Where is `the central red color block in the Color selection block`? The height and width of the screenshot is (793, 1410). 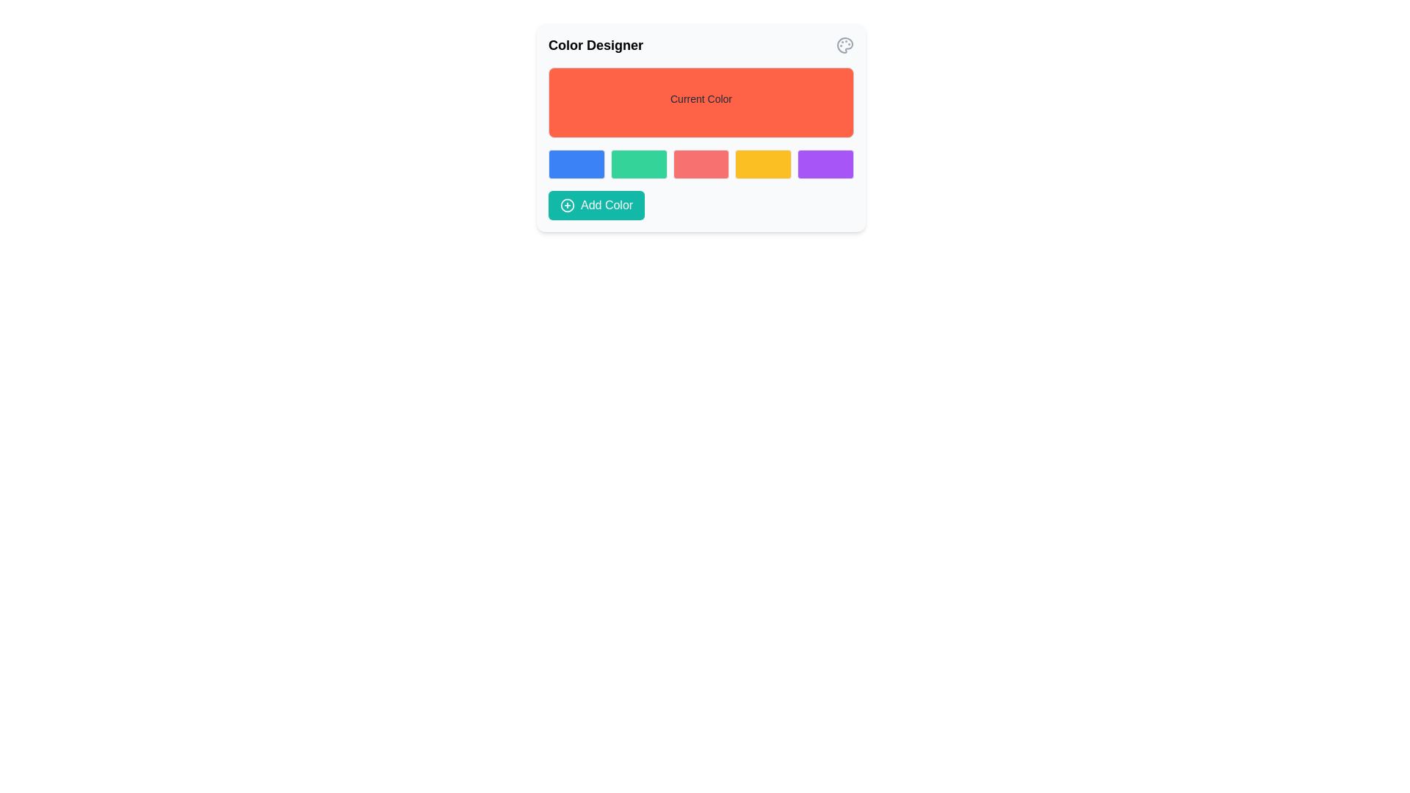 the central red color block in the Color selection block is located at coordinates (701, 164).